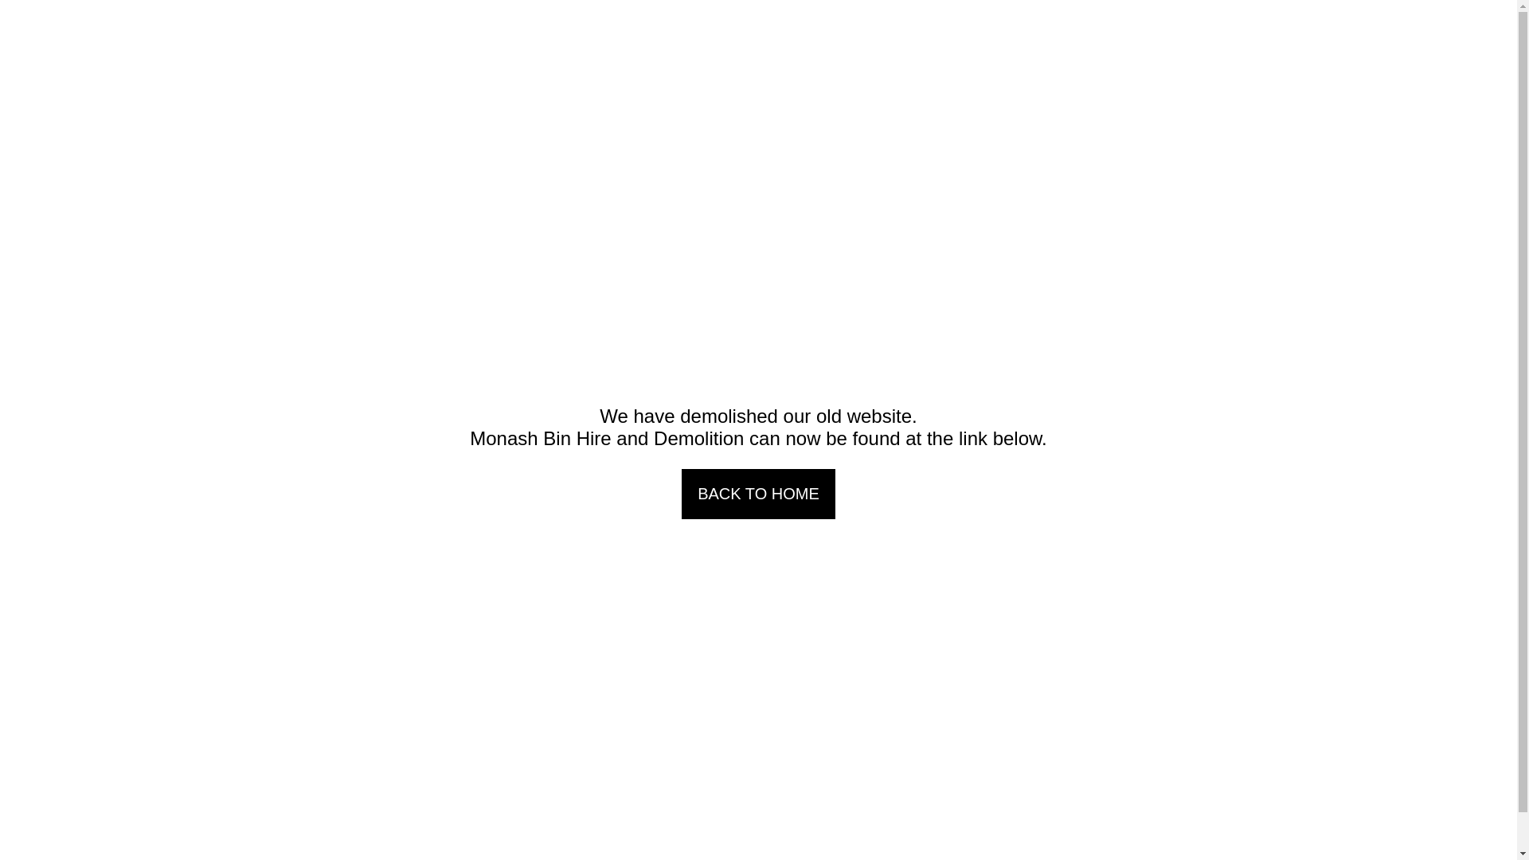 The image size is (1529, 860). What do you see at coordinates (757, 492) in the screenshot?
I see `'BACK TO HOME'` at bounding box center [757, 492].